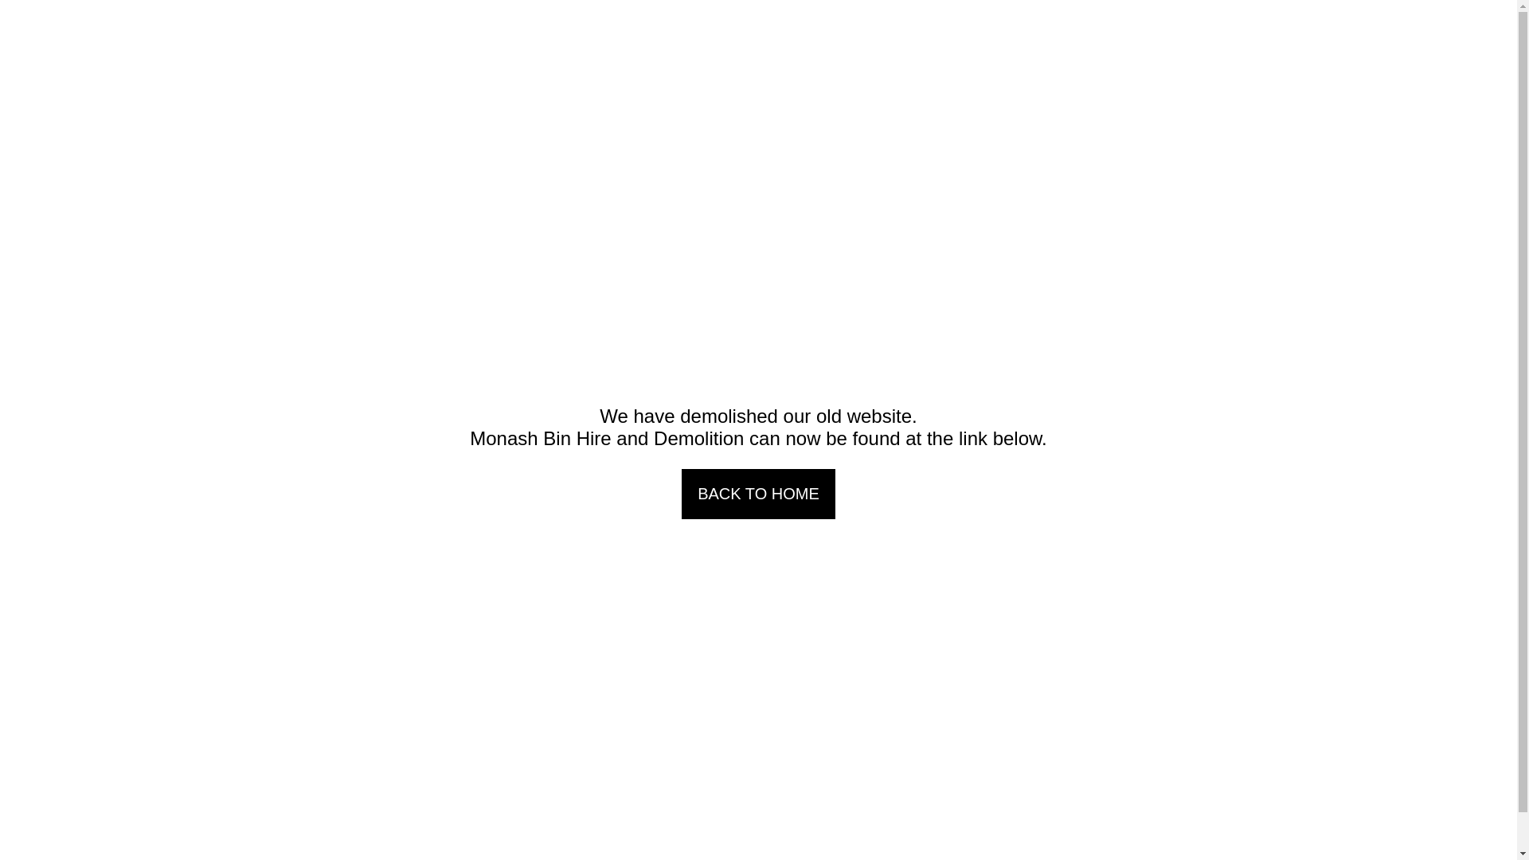 The image size is (1529, 860). What do you see at coordinates (757, 492) in the screenshot?
I see `'BACK TO HOME'` at bounding box center [757, 492].